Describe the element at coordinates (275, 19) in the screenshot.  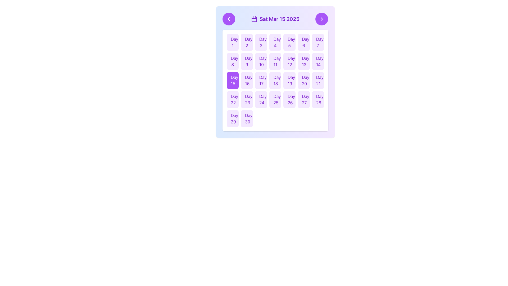
I see `the Date Display Header that shows the currently active date in the calendar, which is located near the top and flanked by navigation buttons` at that location.